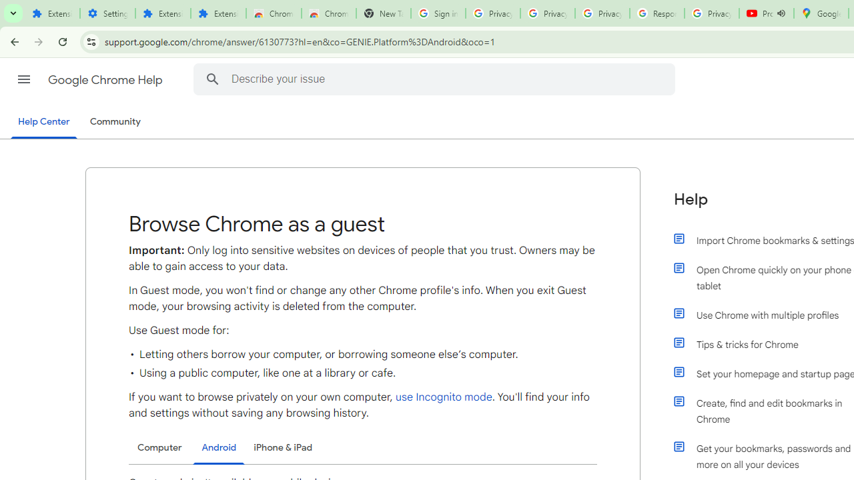  I want to click on 'Computer', so click(159, 447).